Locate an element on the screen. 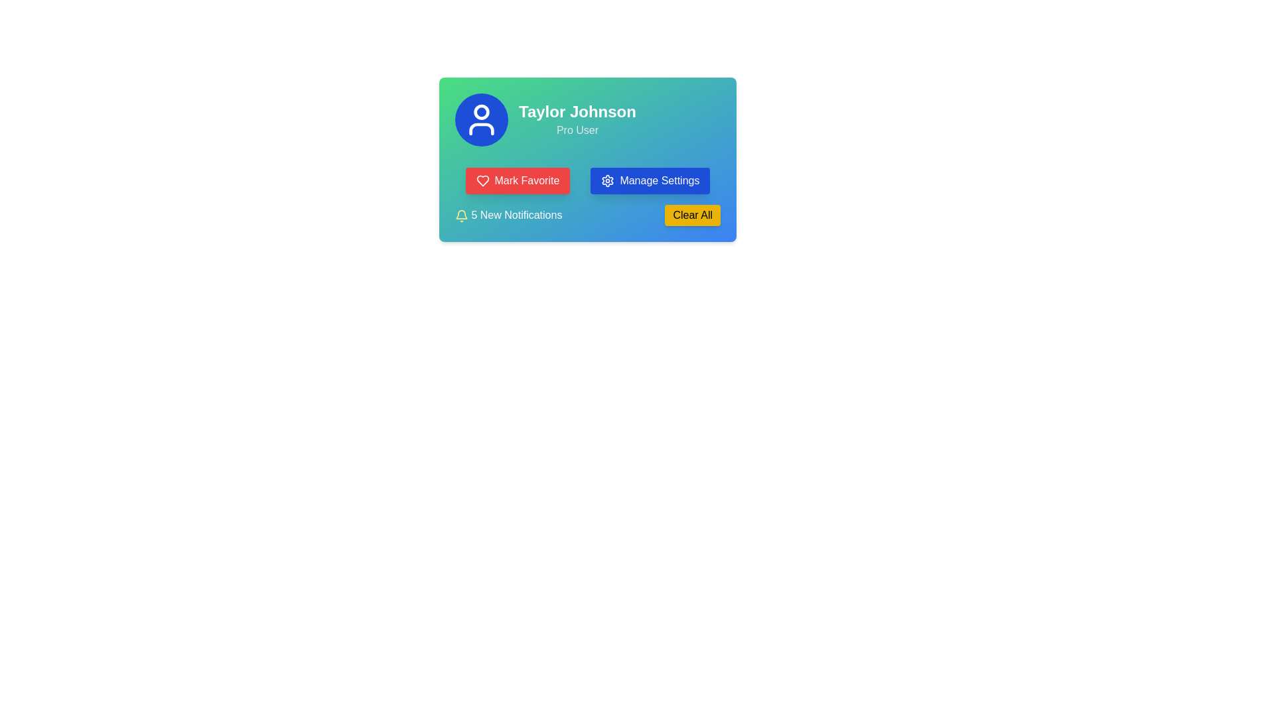  the gear icon inside the blue 'Manage Settings' button located in the top-right section of the interface is located at coordinates (607, 181).